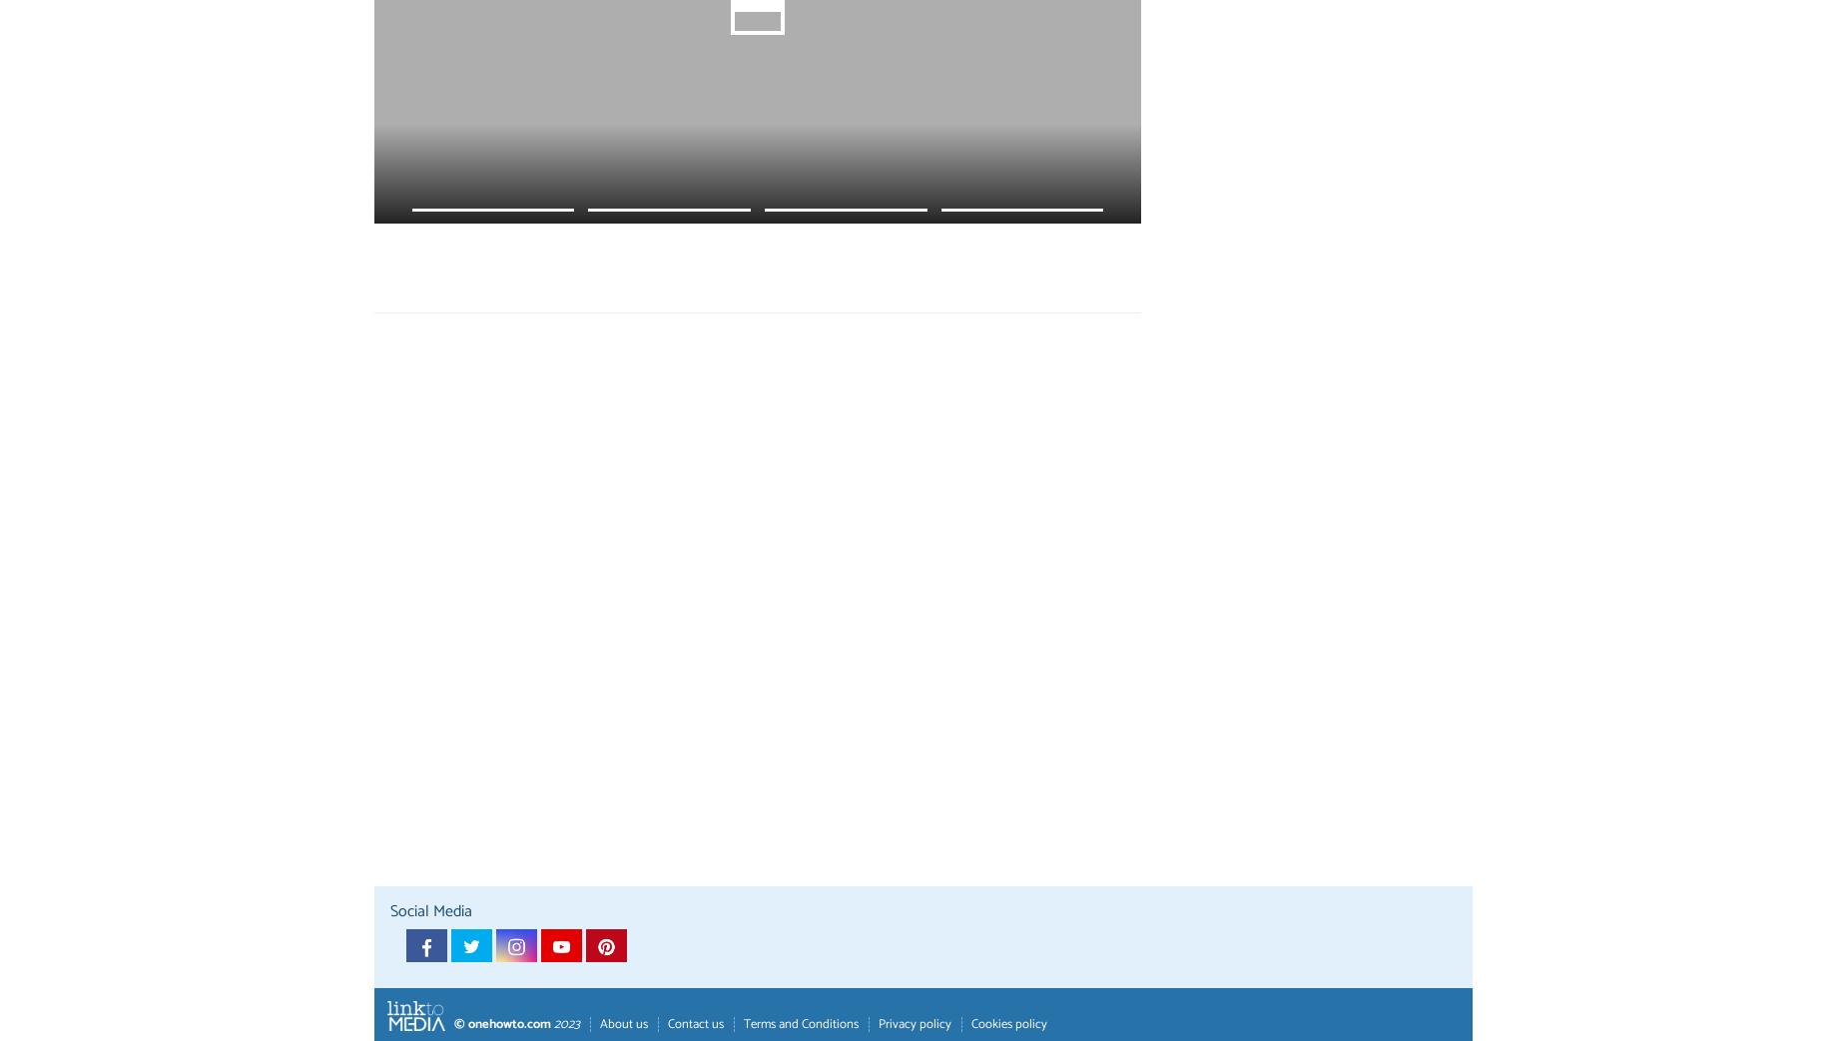 The image size is (1847, 1041). Describe the element at coordinates (566, 1023) in the screenshot. I see `'2023'` at that location.